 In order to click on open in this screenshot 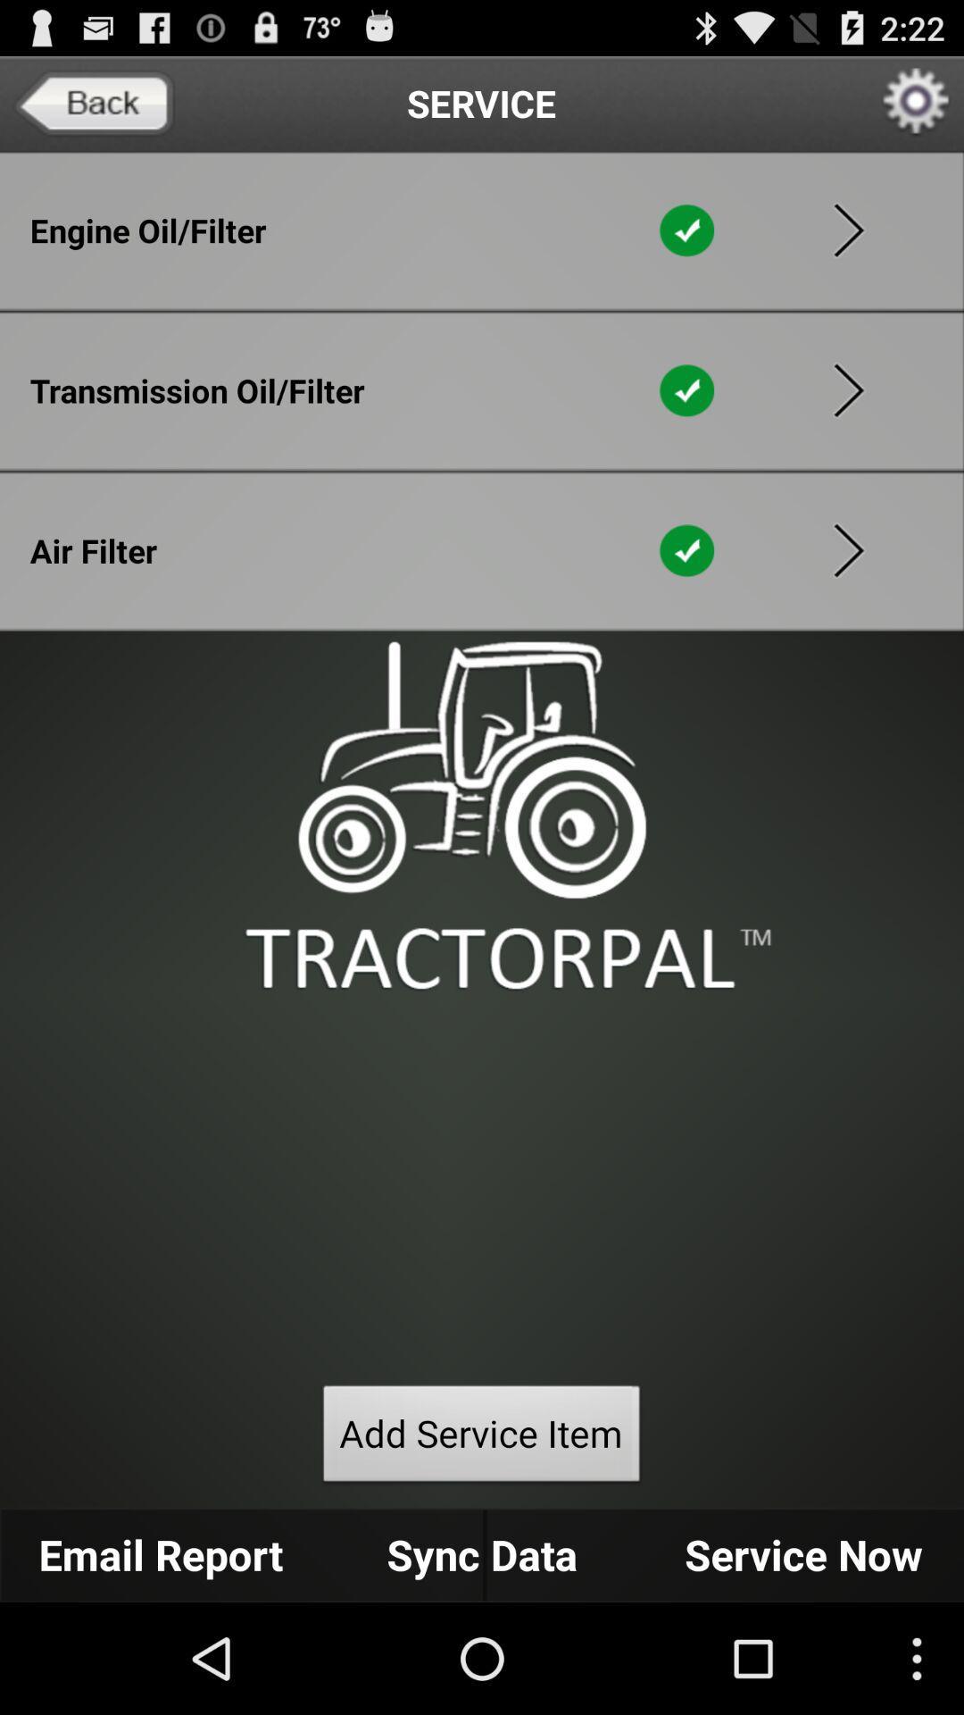, I will do `click(848, 389)`.